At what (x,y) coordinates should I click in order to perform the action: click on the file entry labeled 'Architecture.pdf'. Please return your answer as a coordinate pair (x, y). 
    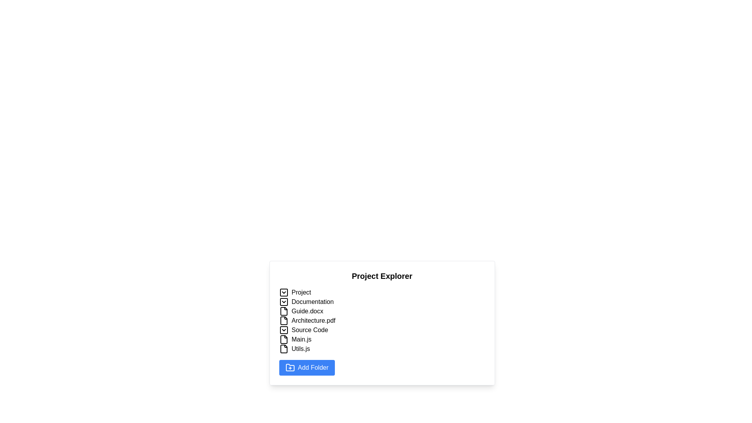
    Looking at the image, I should click on (382, 320).